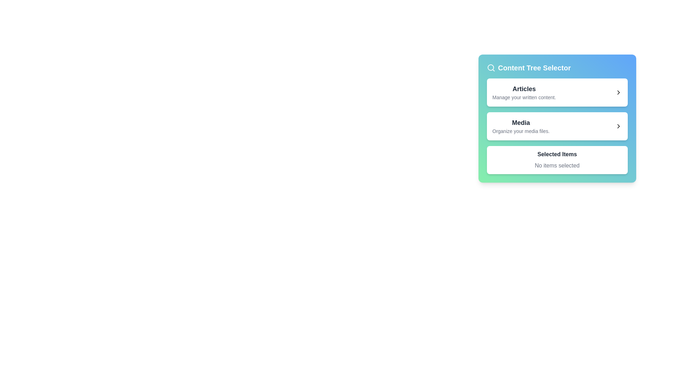  Describe the element at coordinates (557, 160) in the screenshot. I see `the Informative component that displays the message indicating no items have been selected, located at the bottom of the vertical stack under the header 'Content Tree Selector'` at that location.